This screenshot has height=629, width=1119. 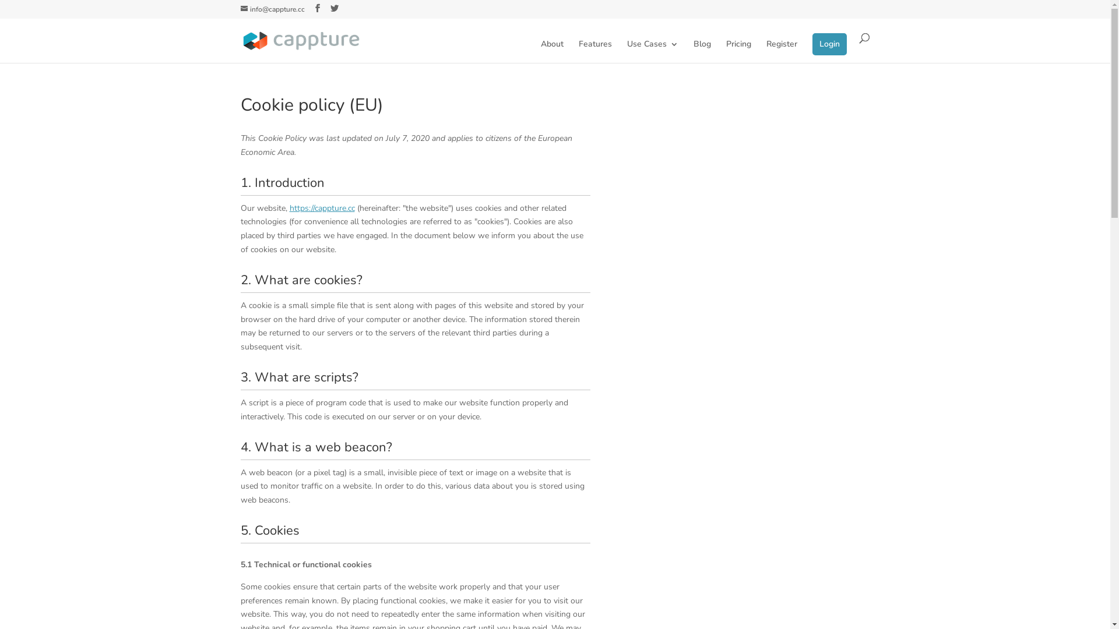 What do you see at coordinates (701, 51) in the screenshot?
I see `'Blog'` at bounding box center [701, 51].